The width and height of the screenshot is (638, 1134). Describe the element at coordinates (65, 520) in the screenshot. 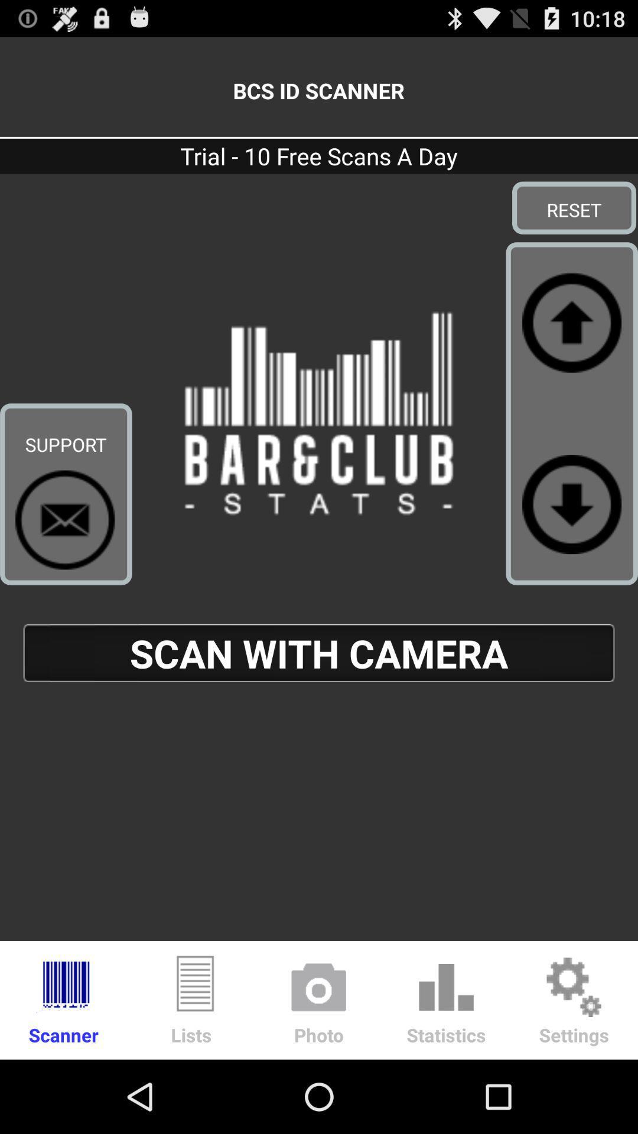

I see `contact support` at that location.